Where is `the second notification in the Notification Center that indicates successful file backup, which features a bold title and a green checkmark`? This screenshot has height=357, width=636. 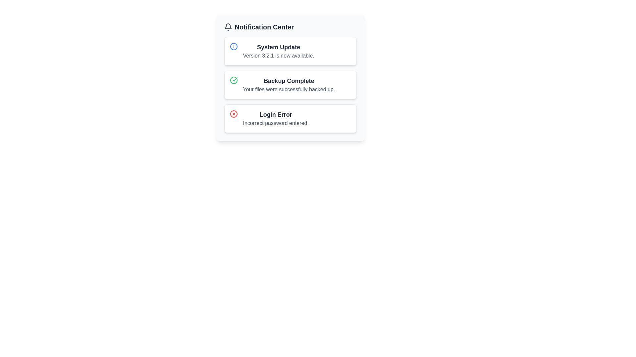 the second notification in the Notification Center that indicates successful file backup, which features a bold title and a green checkmark is located at coordinates (290, 85).